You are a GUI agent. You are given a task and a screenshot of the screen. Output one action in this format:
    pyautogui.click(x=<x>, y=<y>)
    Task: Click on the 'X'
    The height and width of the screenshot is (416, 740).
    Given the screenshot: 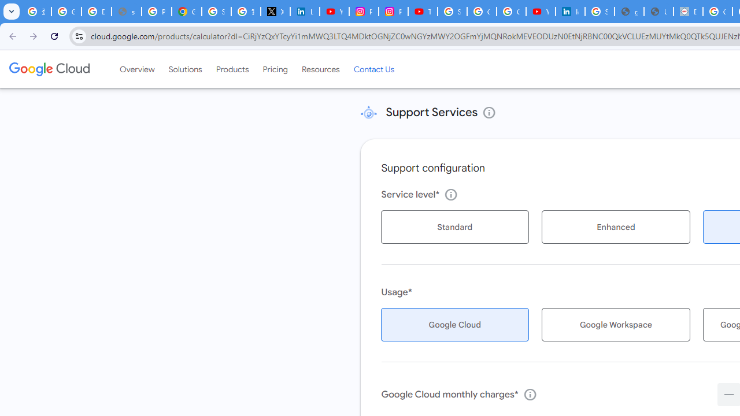 What is the action you would take?
    pyautogui.click(x=275, y=12)
    